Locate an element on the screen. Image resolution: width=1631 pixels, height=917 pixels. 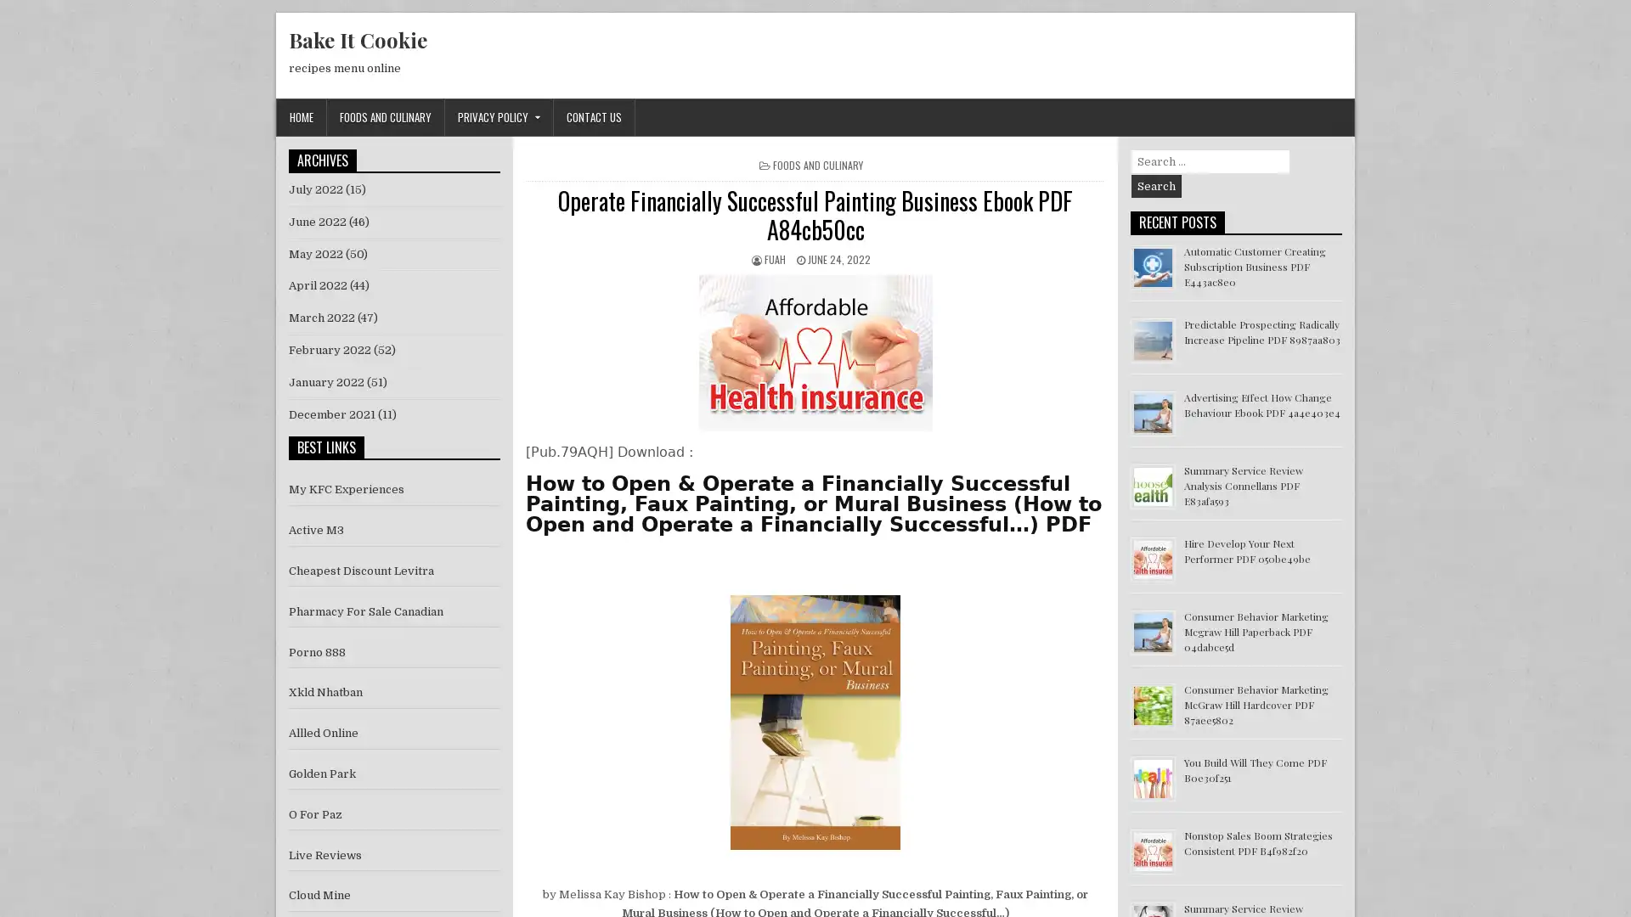
Search is located at coordinates (1155, 186).